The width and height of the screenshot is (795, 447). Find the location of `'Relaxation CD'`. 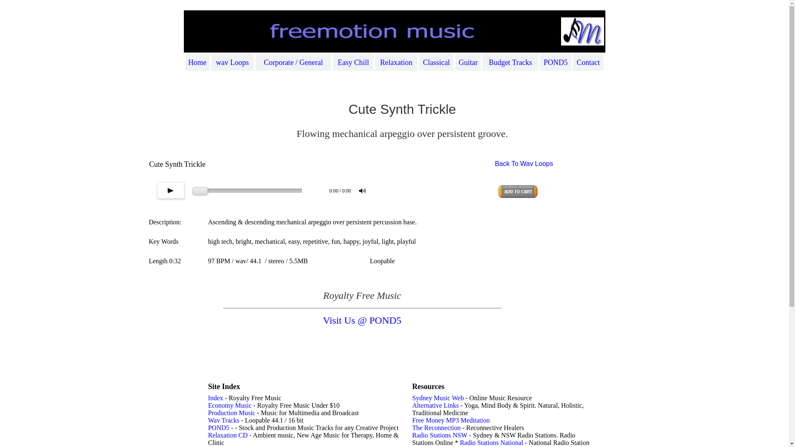

'Relaxation CD' is located at coordinates (228, 435).